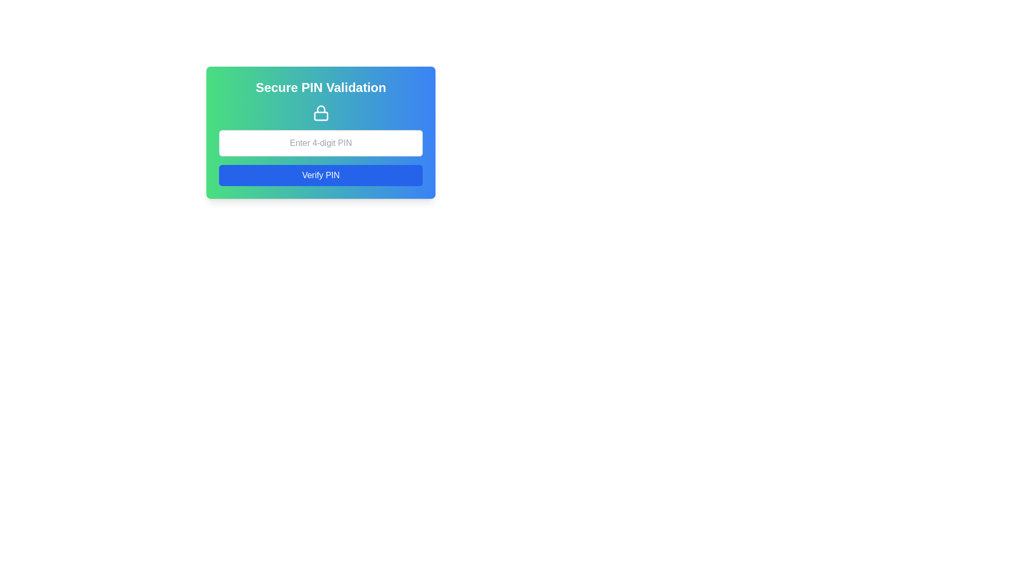  I want to click on the password input field located below the 'Secure PIN Validation' title and above the 'Verify PIN' button to focus, so click(320, 143).